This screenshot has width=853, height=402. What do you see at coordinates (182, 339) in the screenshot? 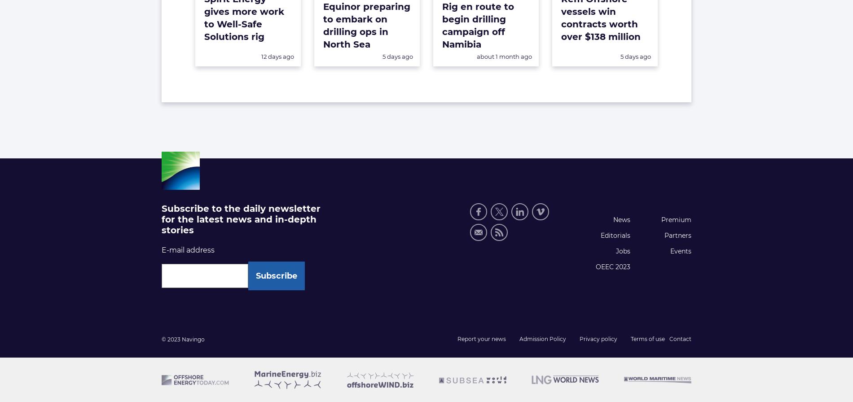
I see `'© 2023 Navingo'` at bounding box center [182, 339].